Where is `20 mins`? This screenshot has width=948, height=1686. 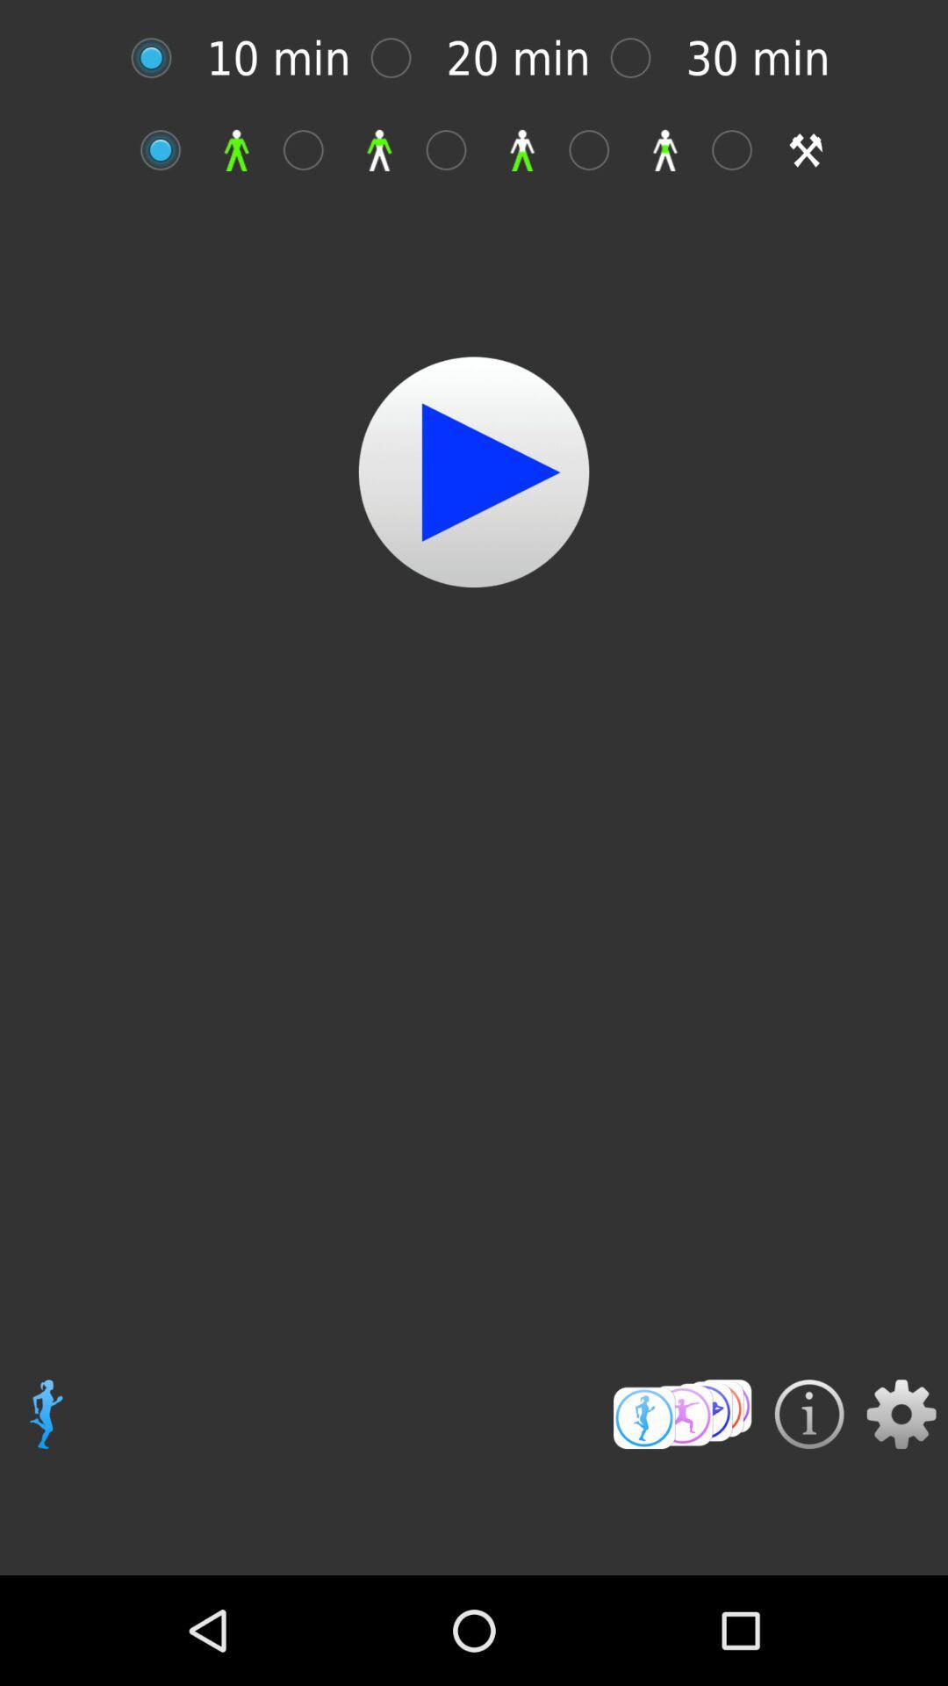 20 mins is located at coordinates (399, 58).